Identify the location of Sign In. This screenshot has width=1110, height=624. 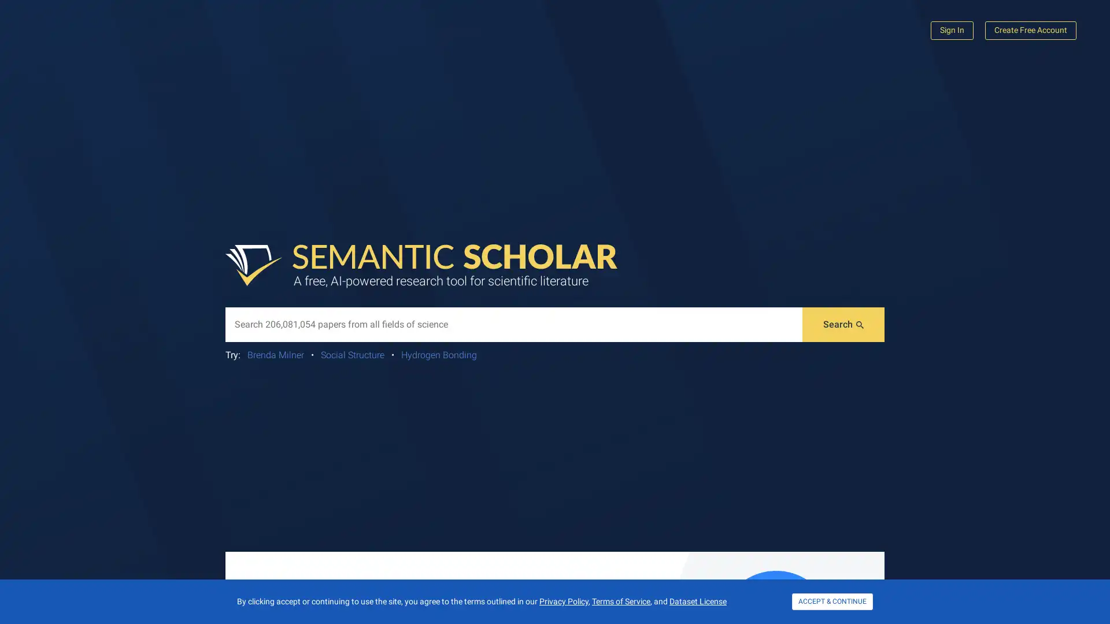
(952, 29).